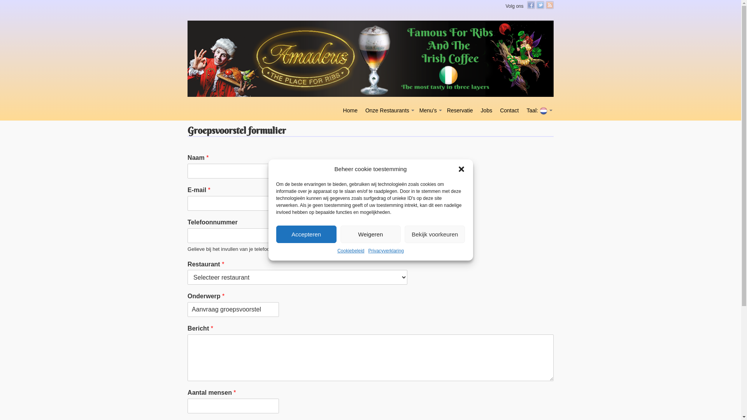 The height and width of the screenshot is (420, 747). Describe the element at coordinates (530, 5) in the screenshot. I see `'Facebook'` at that location.